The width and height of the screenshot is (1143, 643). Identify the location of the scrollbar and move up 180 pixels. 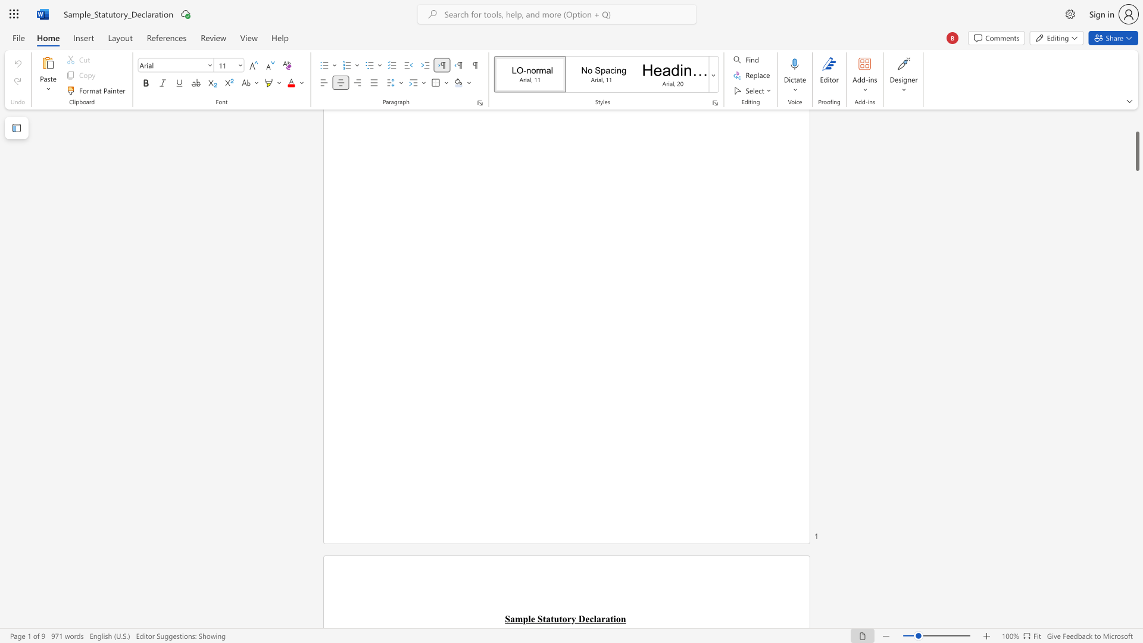
(1136, 151).